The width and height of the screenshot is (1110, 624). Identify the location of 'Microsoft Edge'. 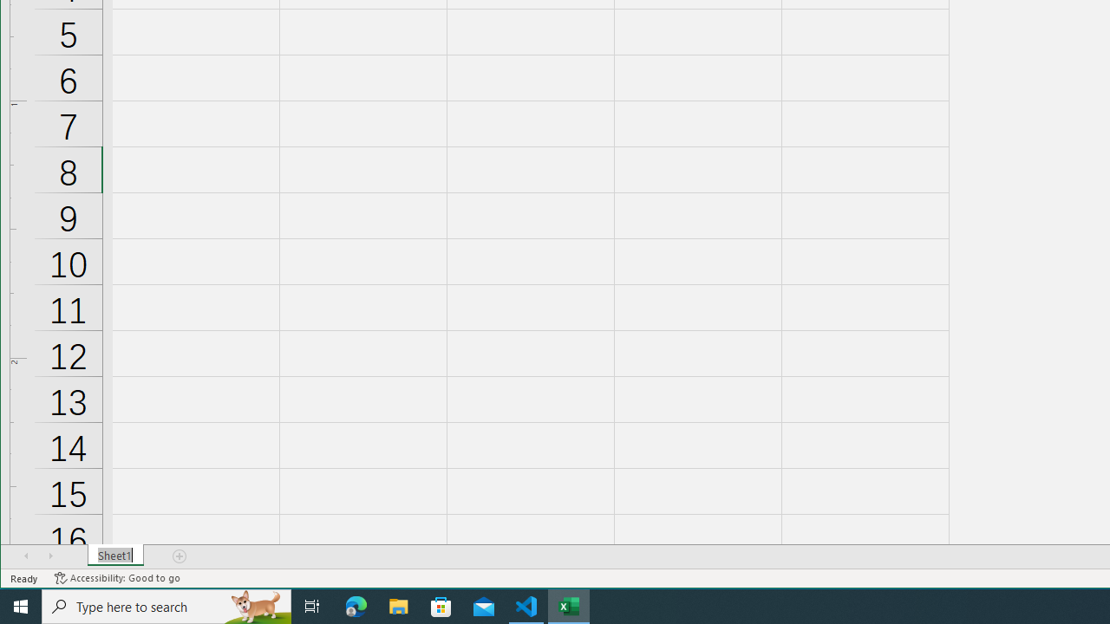
(356, 605).